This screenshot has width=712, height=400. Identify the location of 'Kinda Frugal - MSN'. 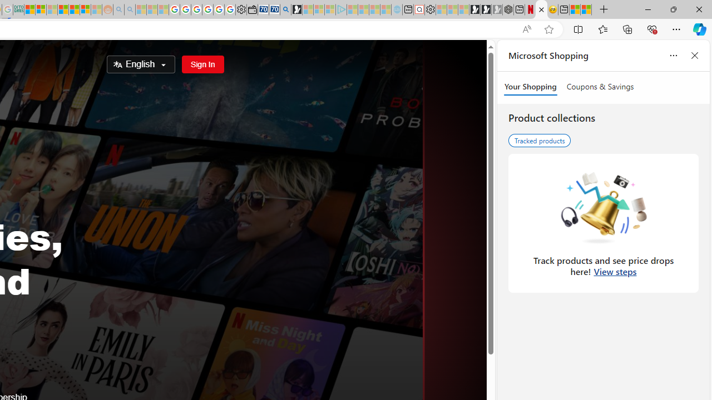
(73, 9).